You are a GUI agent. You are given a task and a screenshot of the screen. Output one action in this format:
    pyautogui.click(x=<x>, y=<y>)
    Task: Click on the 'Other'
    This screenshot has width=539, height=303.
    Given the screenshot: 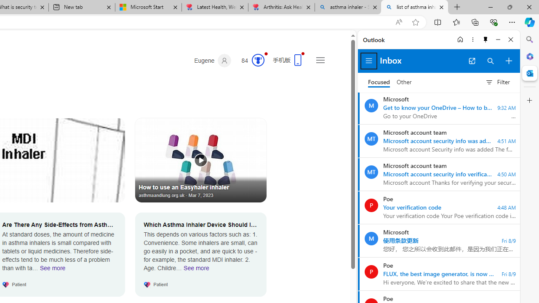 What is the action you would take?
    pyautogui.click(x=404, y=82)
    